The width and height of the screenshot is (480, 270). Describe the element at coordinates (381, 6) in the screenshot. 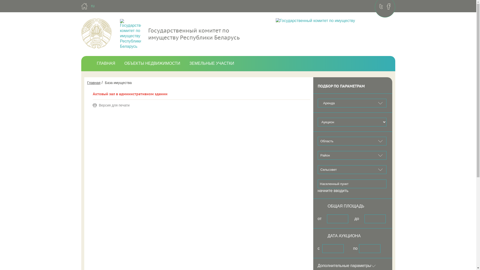

I see `'twitter'` at that location.